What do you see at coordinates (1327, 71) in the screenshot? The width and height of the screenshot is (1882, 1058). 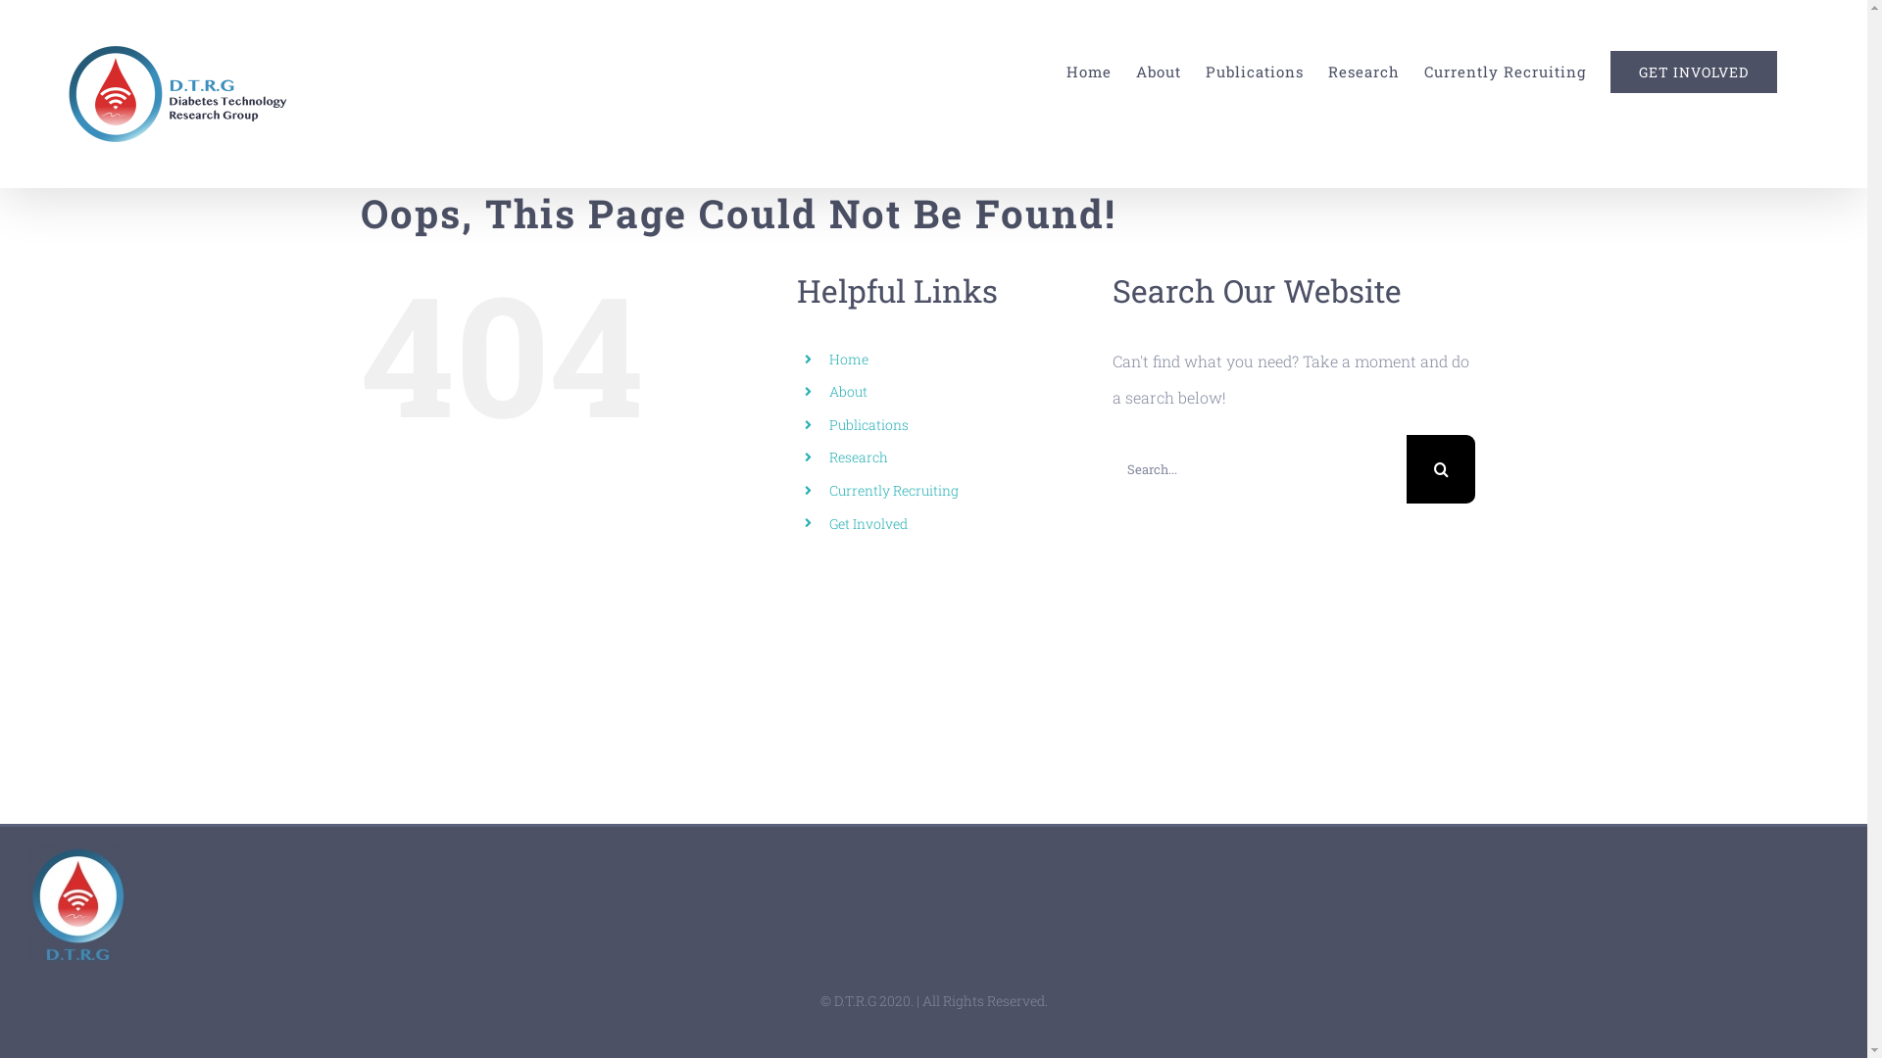 I see `'Research'` at bounding box center [1327, 71].